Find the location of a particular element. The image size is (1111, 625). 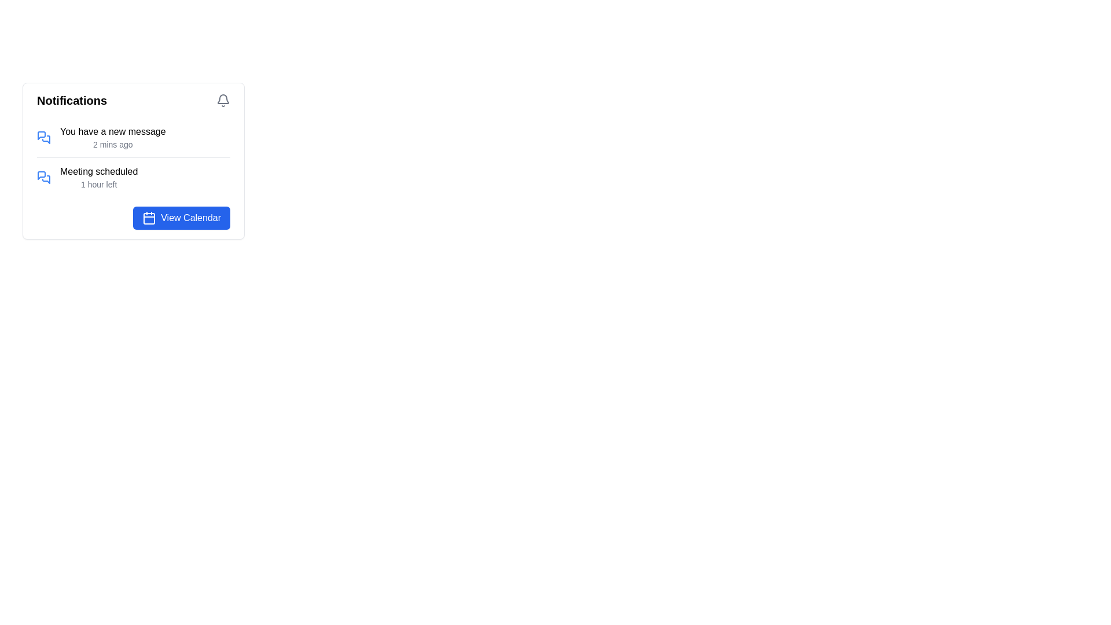

text from the notification panel that says 'Meeting scheduled' and '1 hour left', which is the second notification in the list is located at coordinates (99, 178).